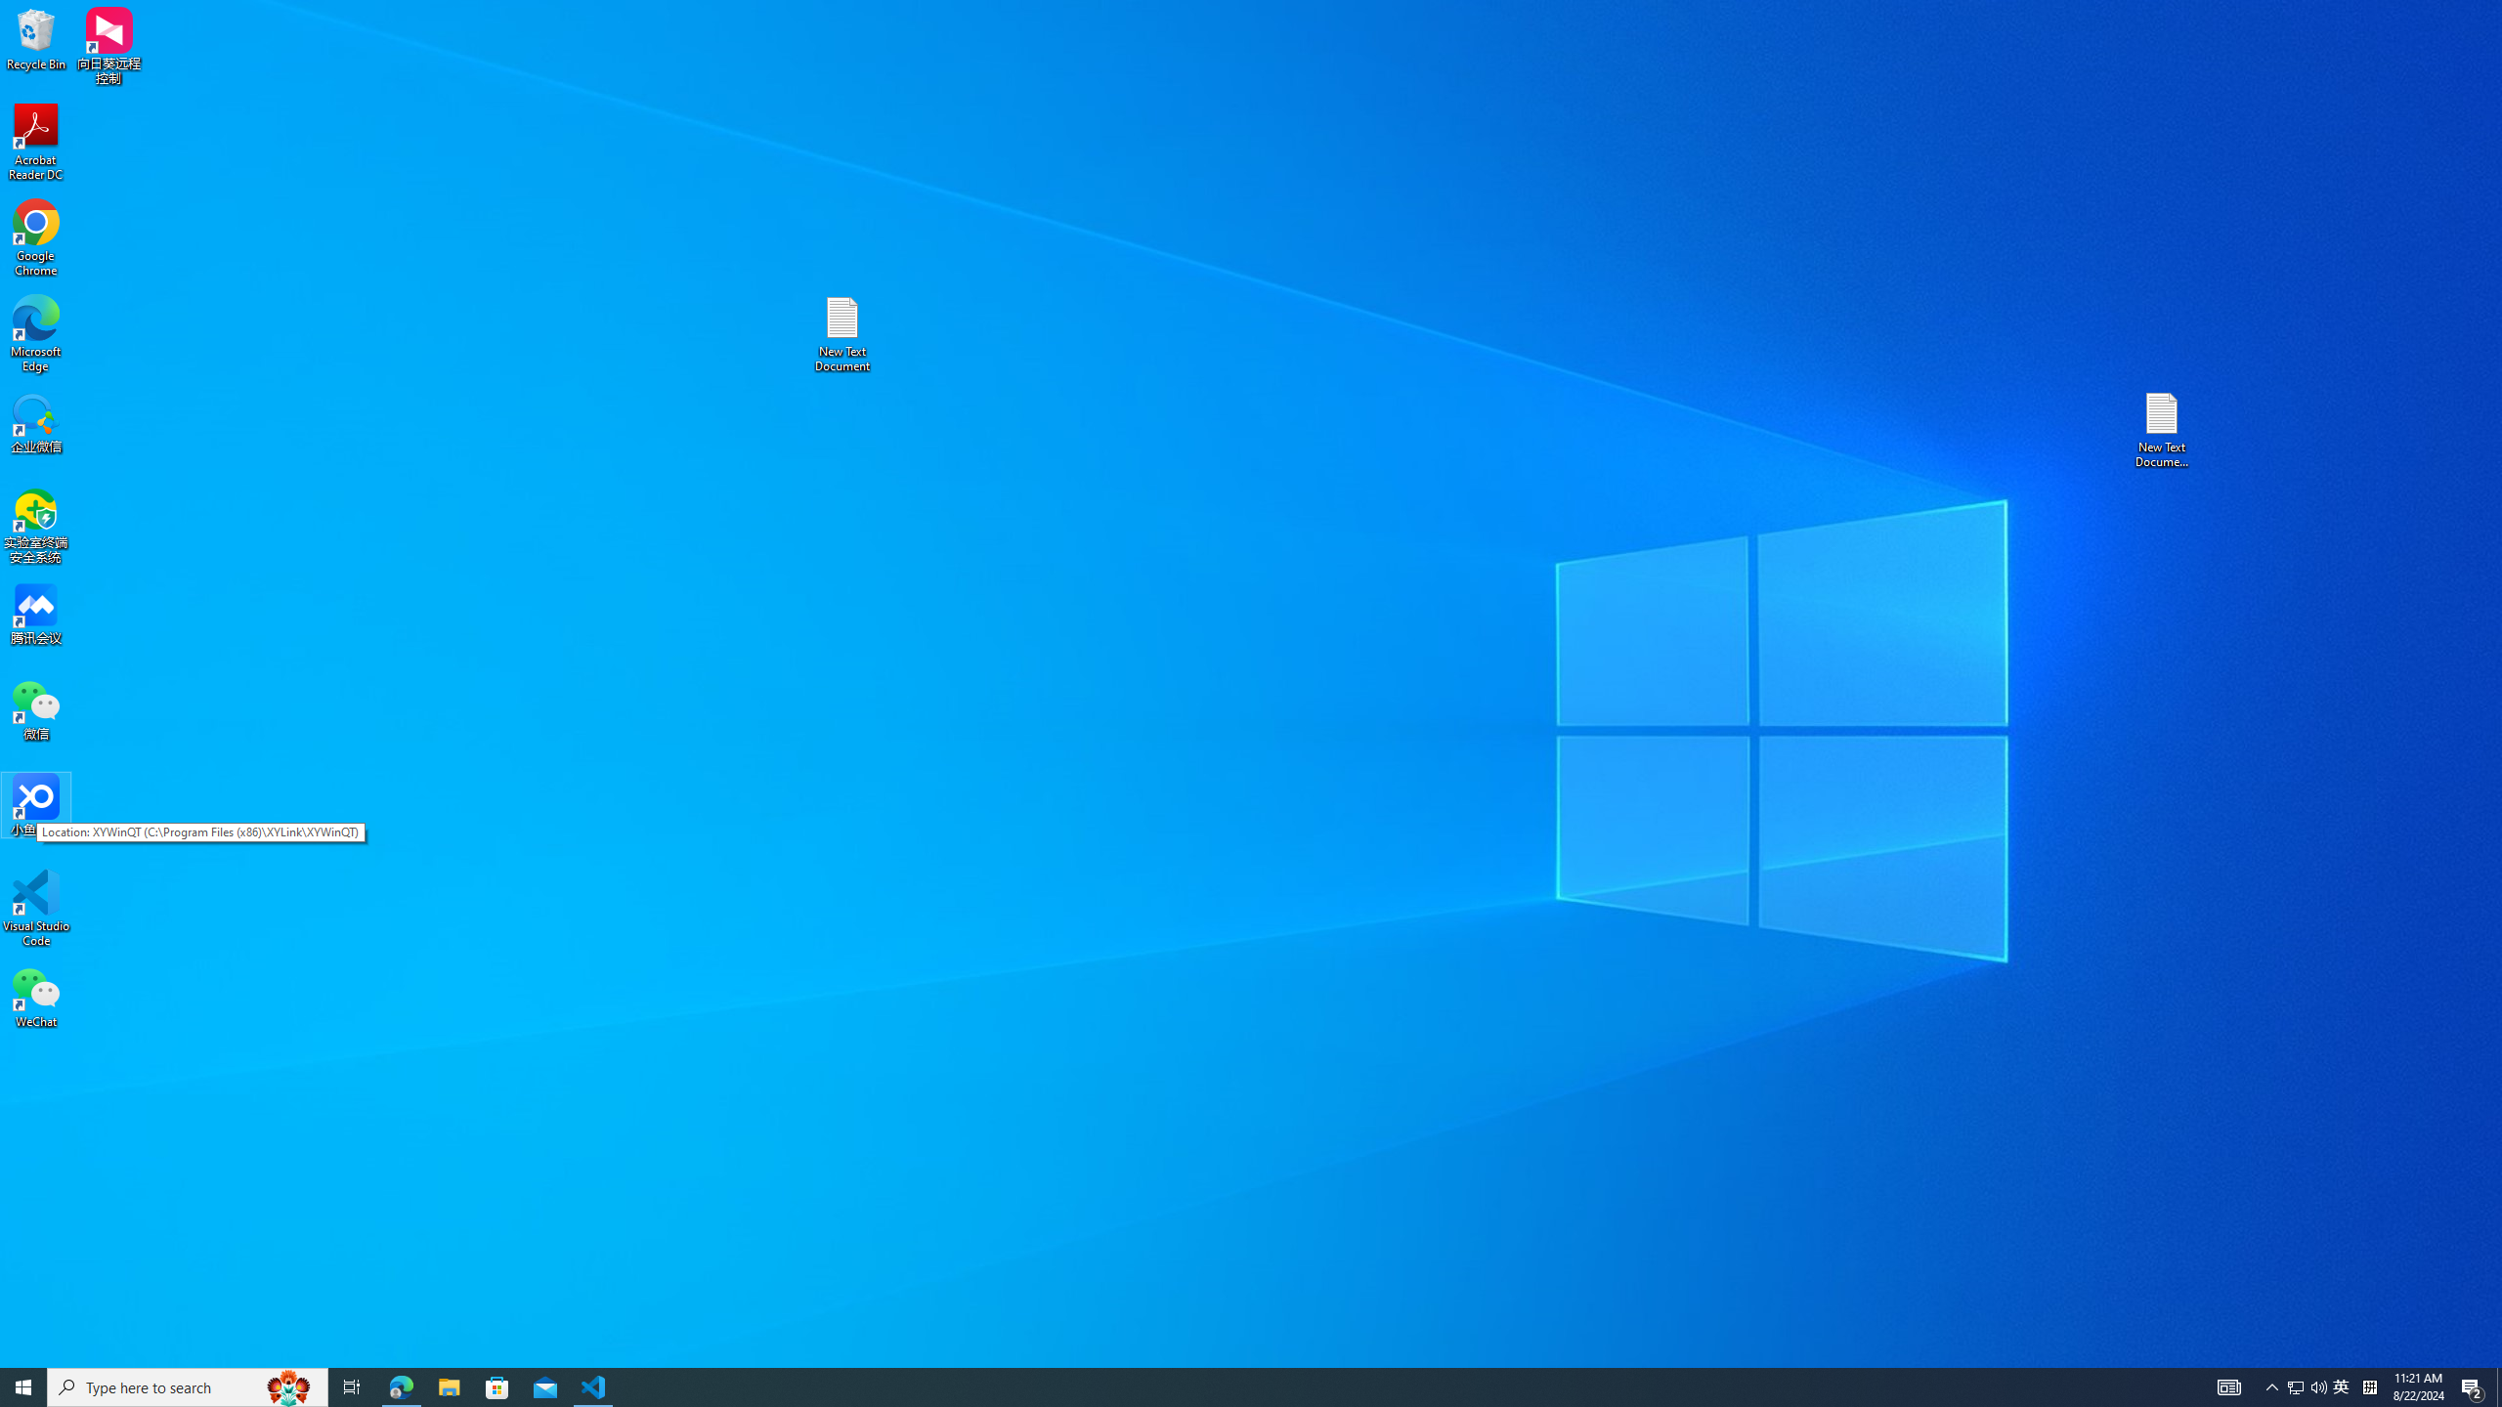 Image resolution: width=2502 pixels, height=1407 pixels. What do you see at coordinates (35, 996) in the screenshot?
I see `'WeChat'` at bounding box center [35, 996].